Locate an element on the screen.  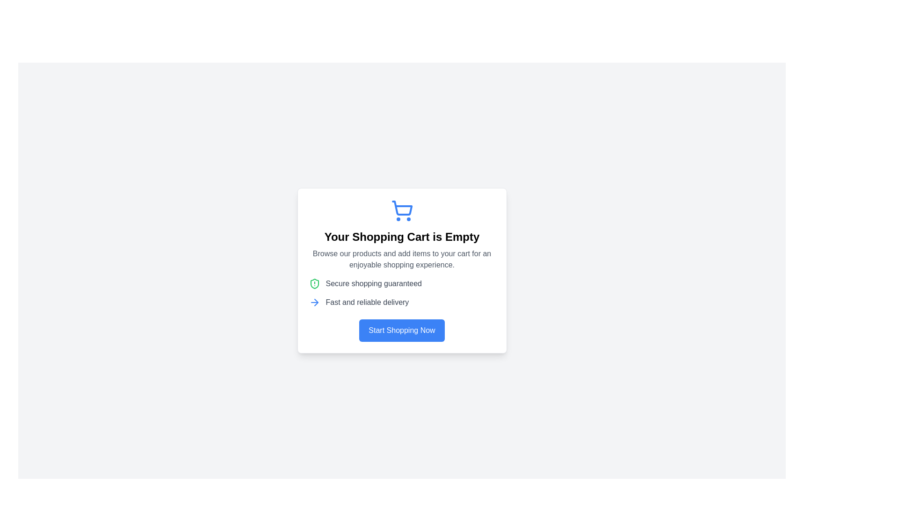
the blue arrow icon pointing to the right, which is located on the left side of the text 'Fast and reliable delivery.' is located at coordinates (314, 303).